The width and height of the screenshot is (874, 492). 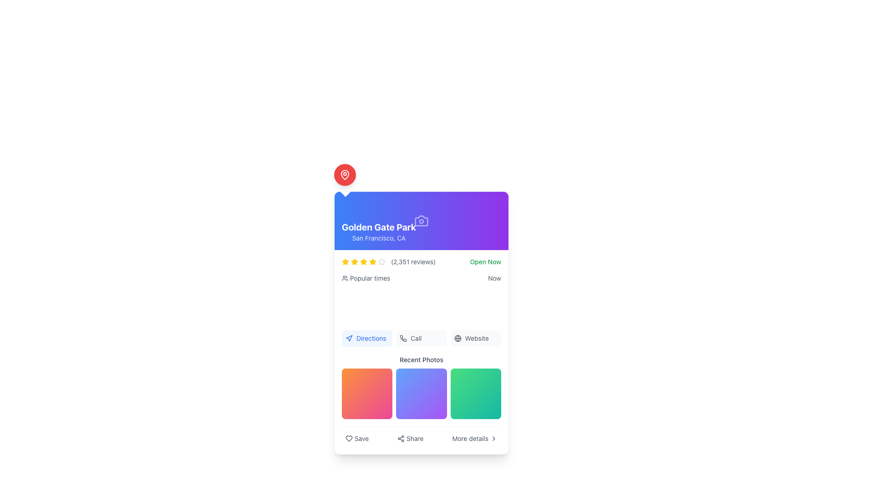 I want to click on the small right-facing arrow icon located on the right side of the 'More details' button, so click(x=493, y=438).